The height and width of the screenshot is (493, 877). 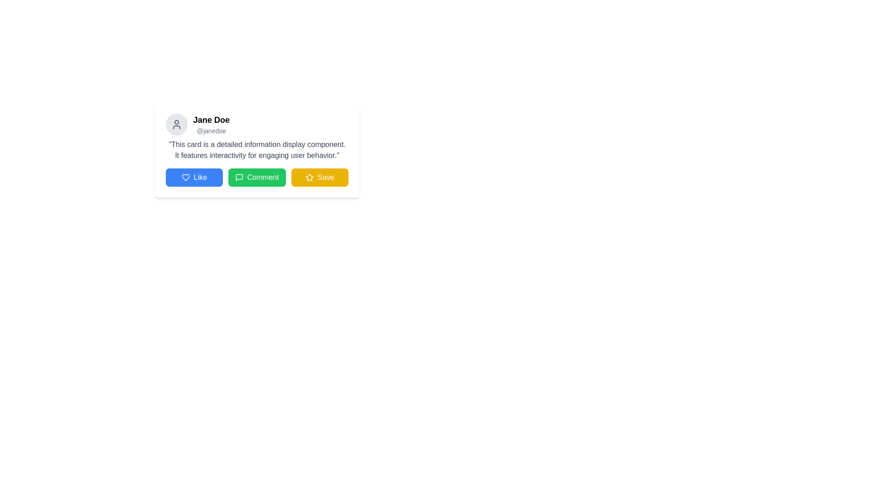 I want to click on the circular icon with a light gray background and a dark gray outline of a human figure, located at the farthest left within the header of a card layout, to interact or view details, so click(x=177, y=125).